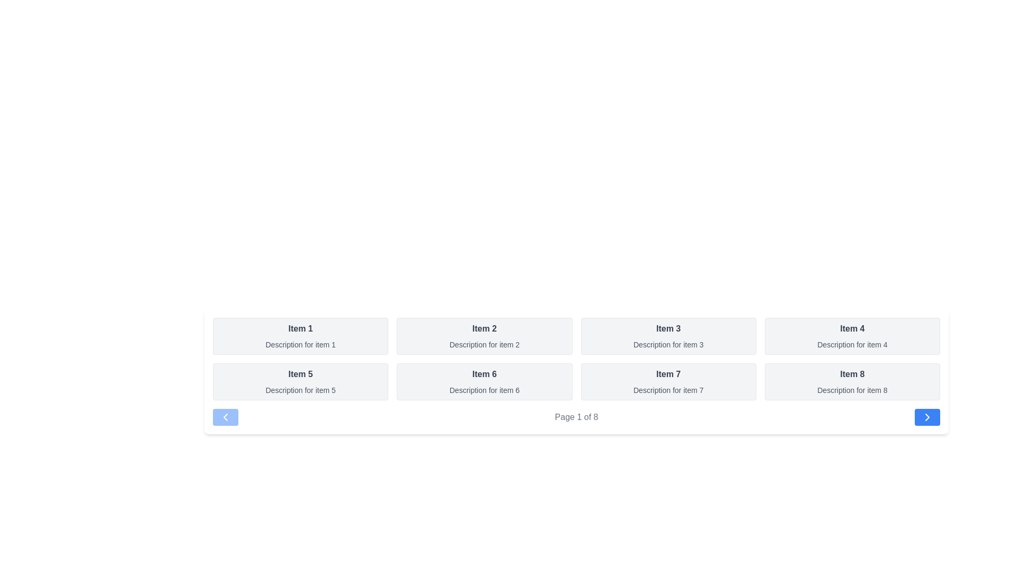  I want to click on the Information card labeled 'Item 4', which is the fourth item in a grid layout with a light gray background and rounded borders, so click(852, 336).